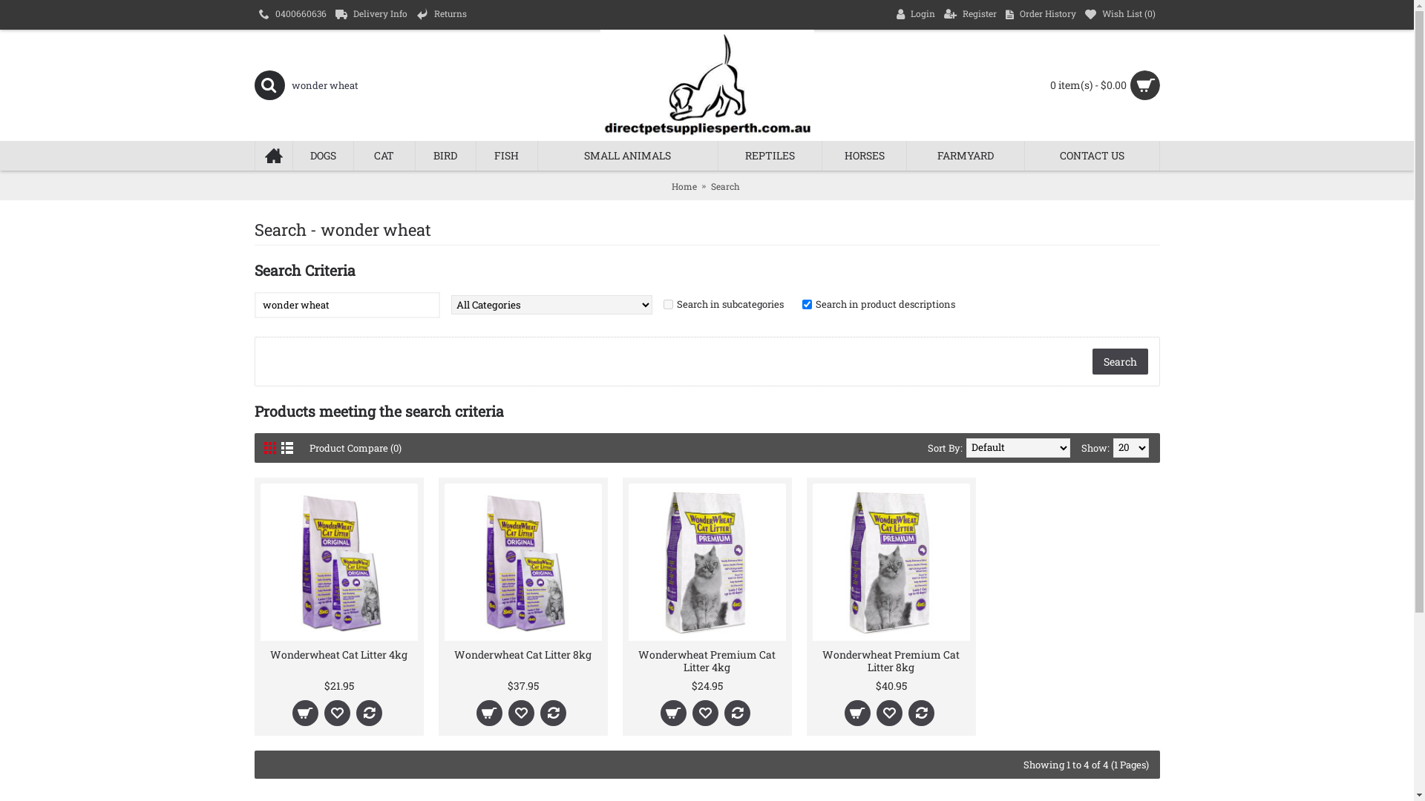 The height and width of the screenshot is (801, 1425). What do you see at coordinates (371, 14) in the screenshot?
I see `'Delivery Info'` at bounding box center [371, 14].